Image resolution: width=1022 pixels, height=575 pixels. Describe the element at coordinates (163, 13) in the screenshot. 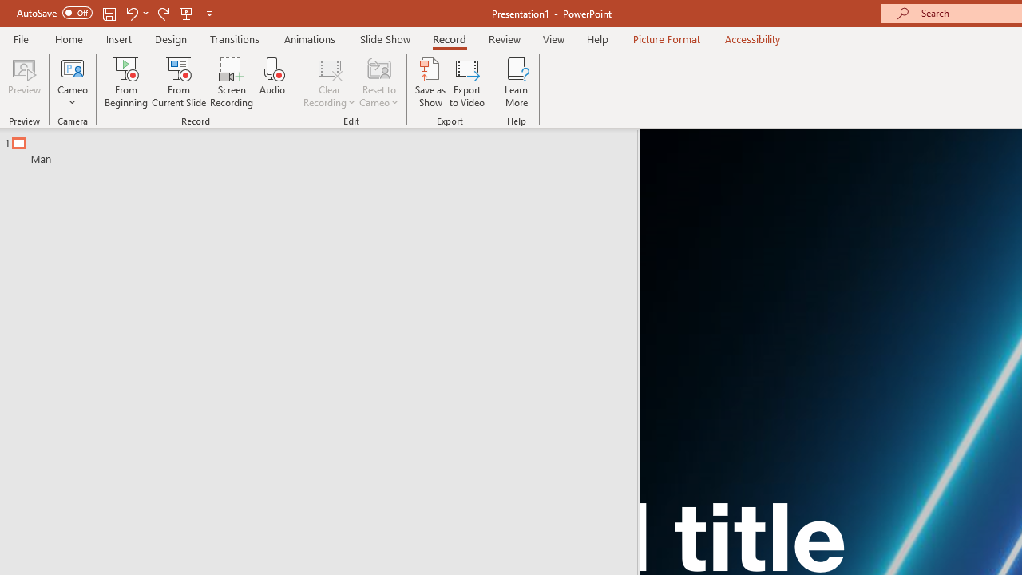

I see `'Redo'` at that location.